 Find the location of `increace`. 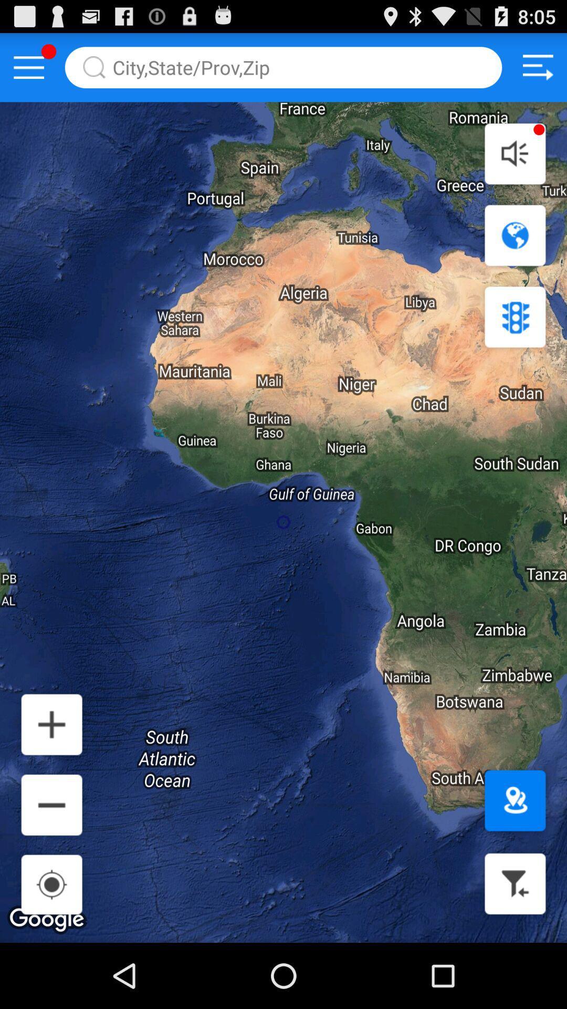

increace is located at coordinates (51, 724).